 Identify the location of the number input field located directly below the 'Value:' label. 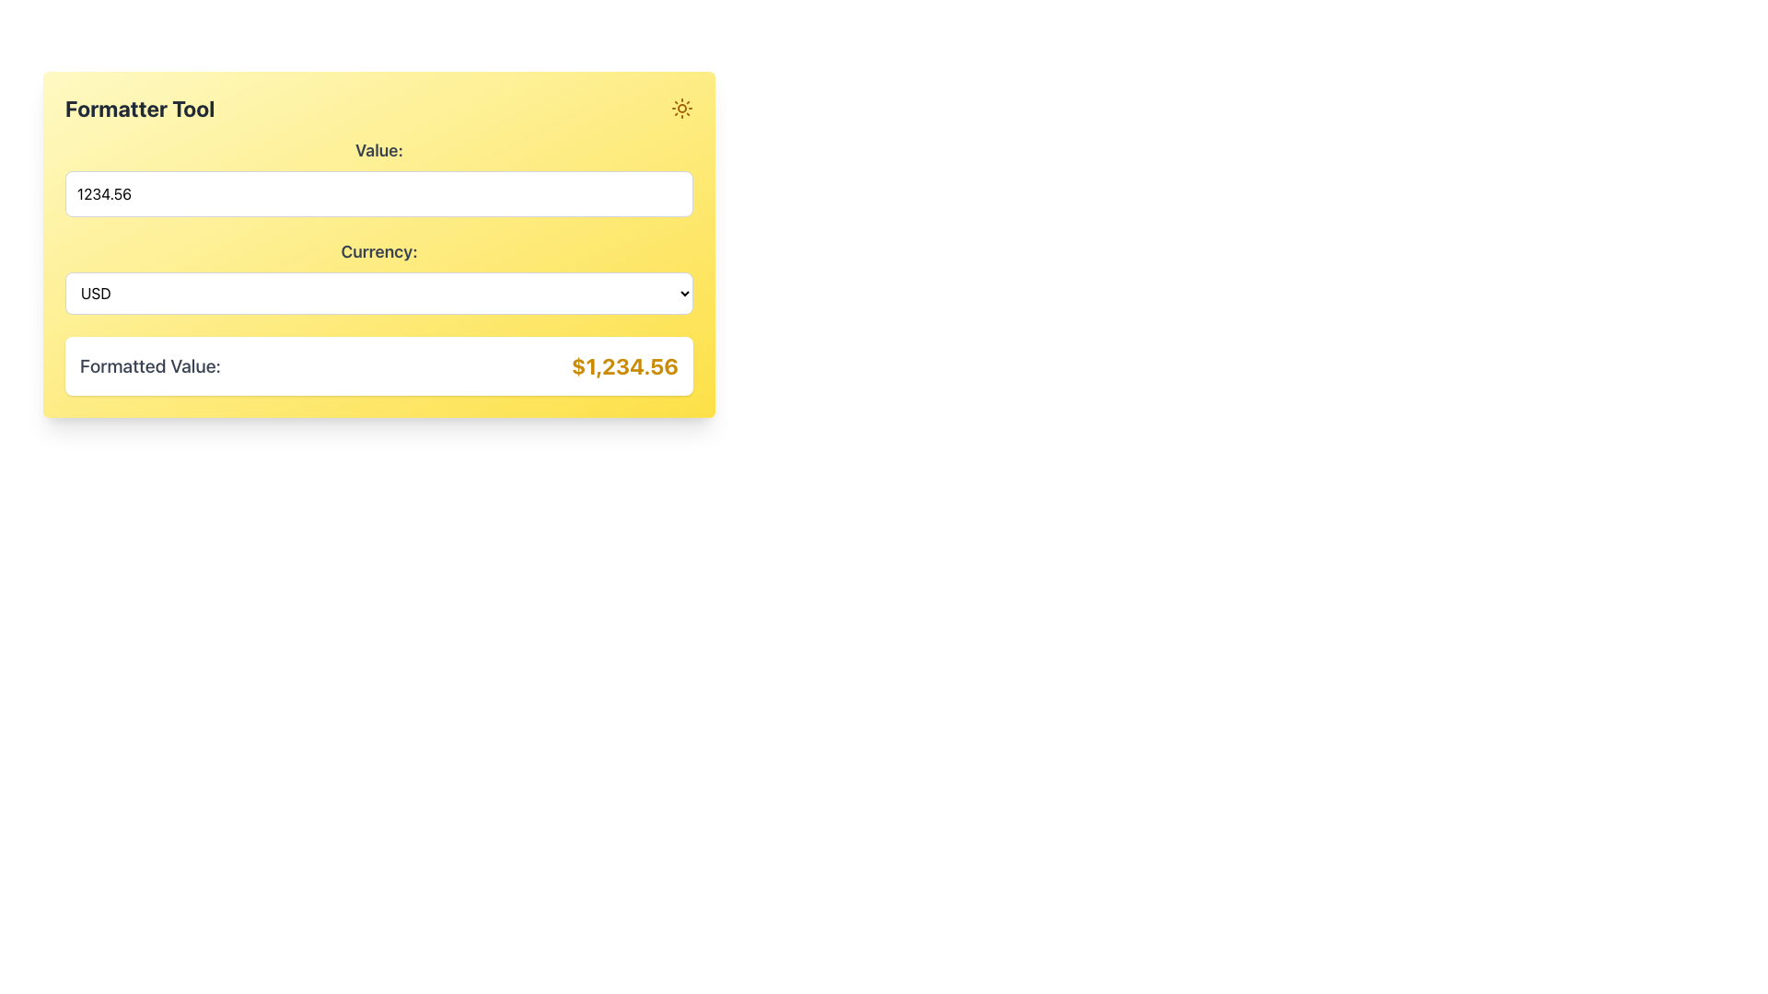
(378, 177).